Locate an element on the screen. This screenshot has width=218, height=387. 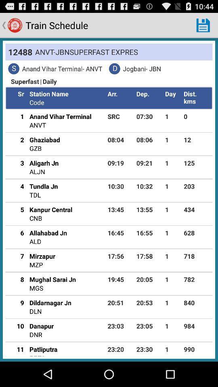
the app above the 628 icon is located at coordinates (196, 209).